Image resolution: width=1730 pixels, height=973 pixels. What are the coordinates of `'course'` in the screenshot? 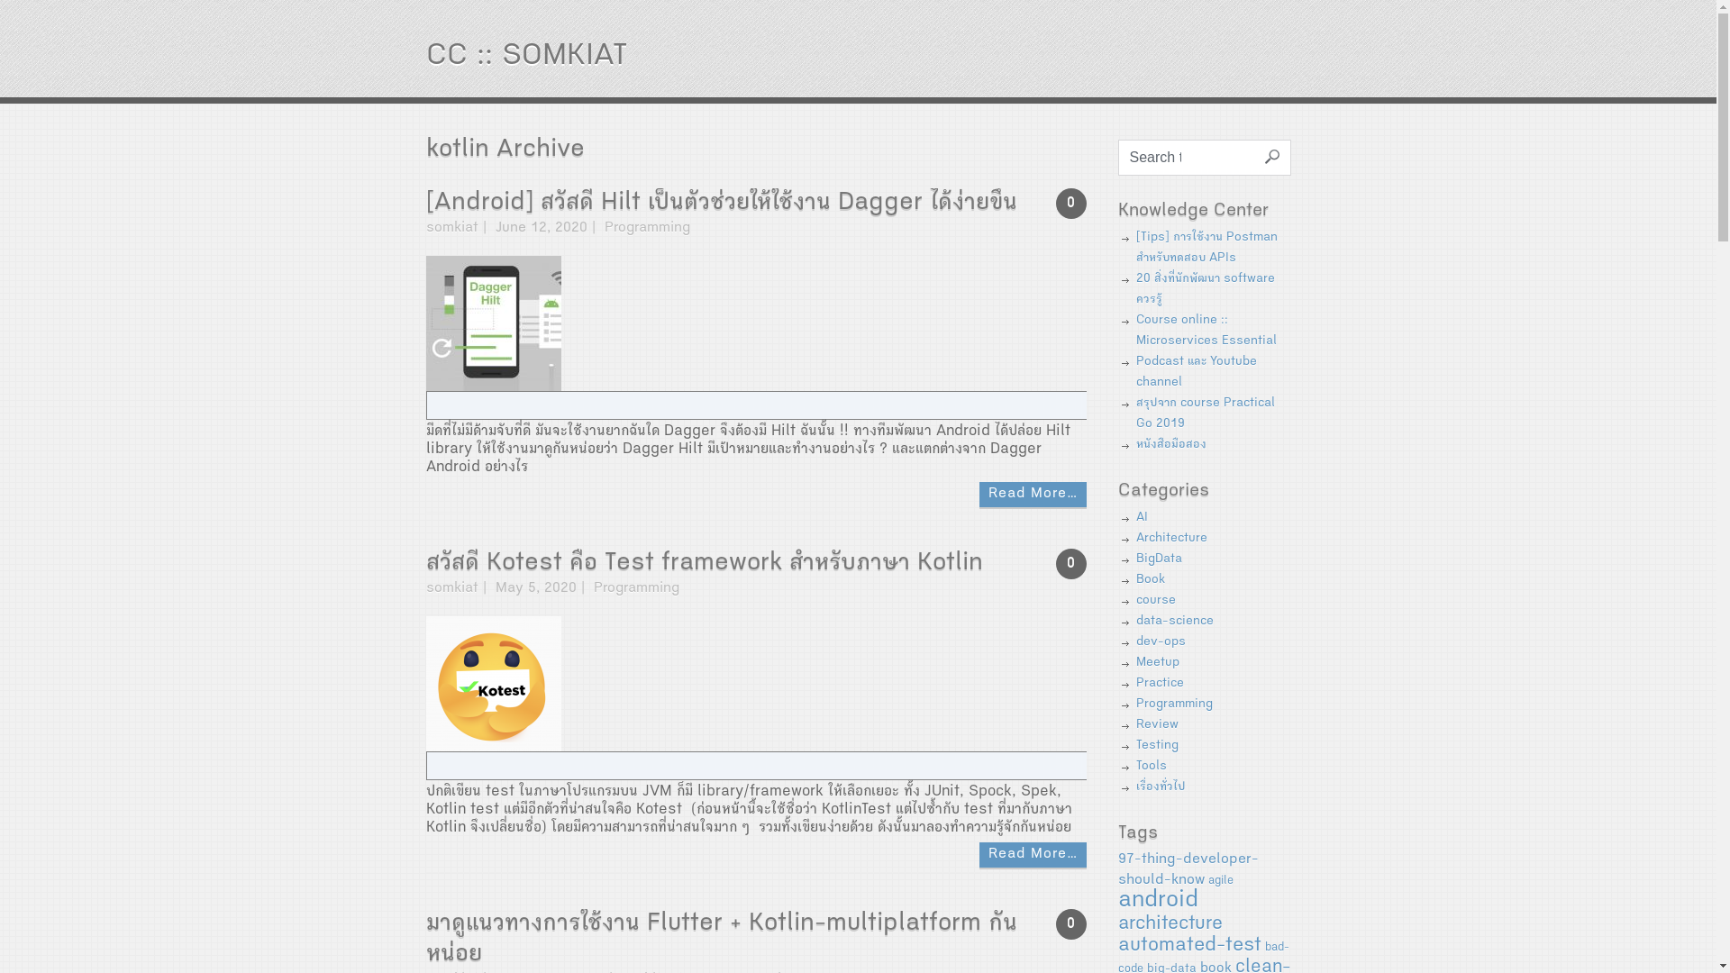 It's located at (1154, 601).